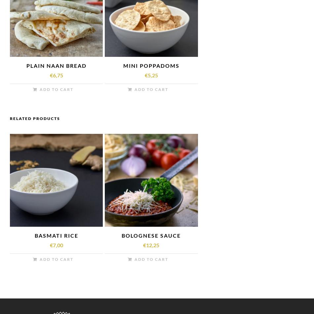 This screenshot has width=314, height=314. Describe the element at coordinates (34, 235) in the screenshot. I see `'BASMATI RICE'` at that location.